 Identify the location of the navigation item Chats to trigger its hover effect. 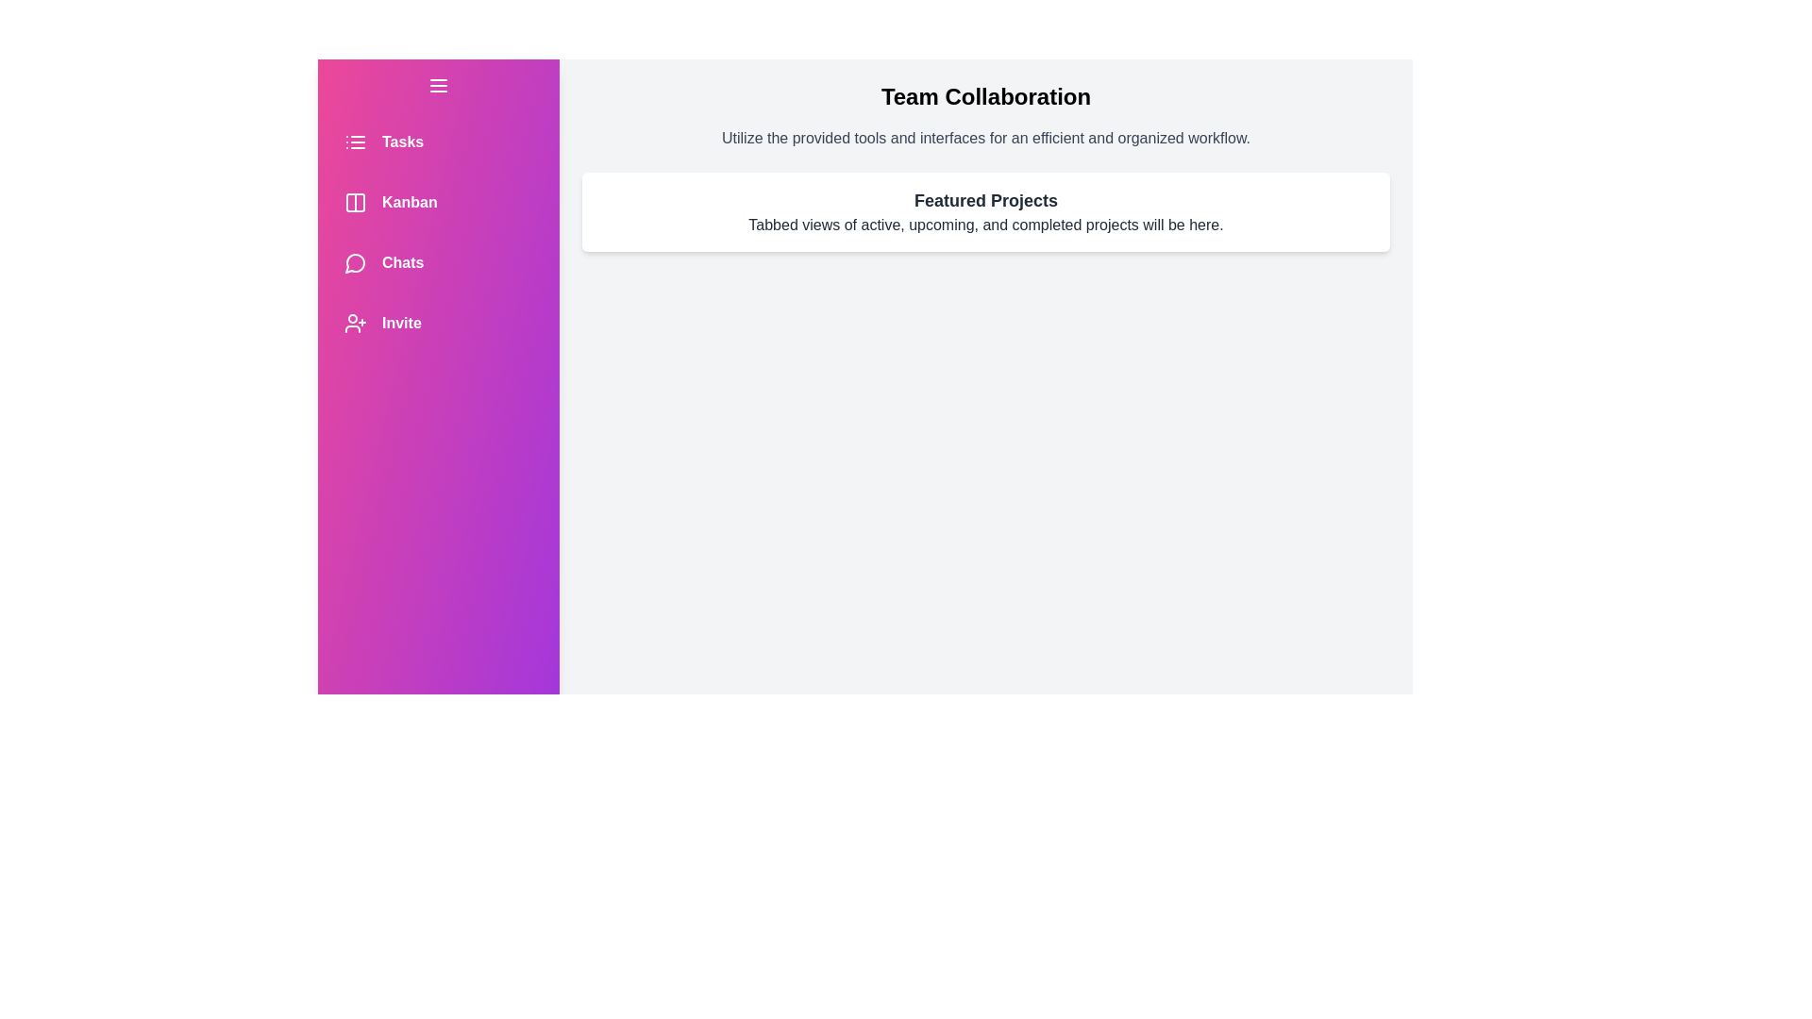
(438, 262).